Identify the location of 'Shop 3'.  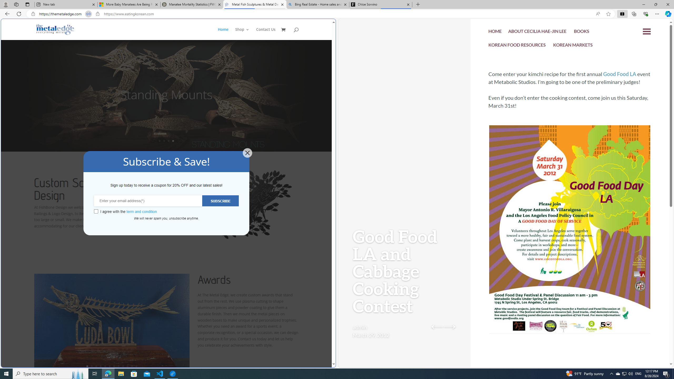
(242, 33).